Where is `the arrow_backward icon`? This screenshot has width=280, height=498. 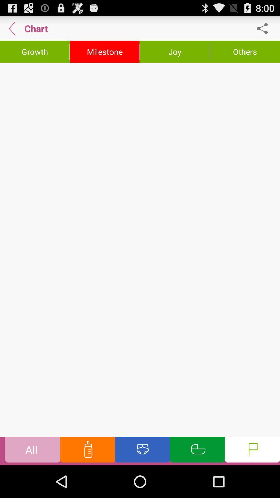
the arrow_backward icon is located at coordinates (12, 30).